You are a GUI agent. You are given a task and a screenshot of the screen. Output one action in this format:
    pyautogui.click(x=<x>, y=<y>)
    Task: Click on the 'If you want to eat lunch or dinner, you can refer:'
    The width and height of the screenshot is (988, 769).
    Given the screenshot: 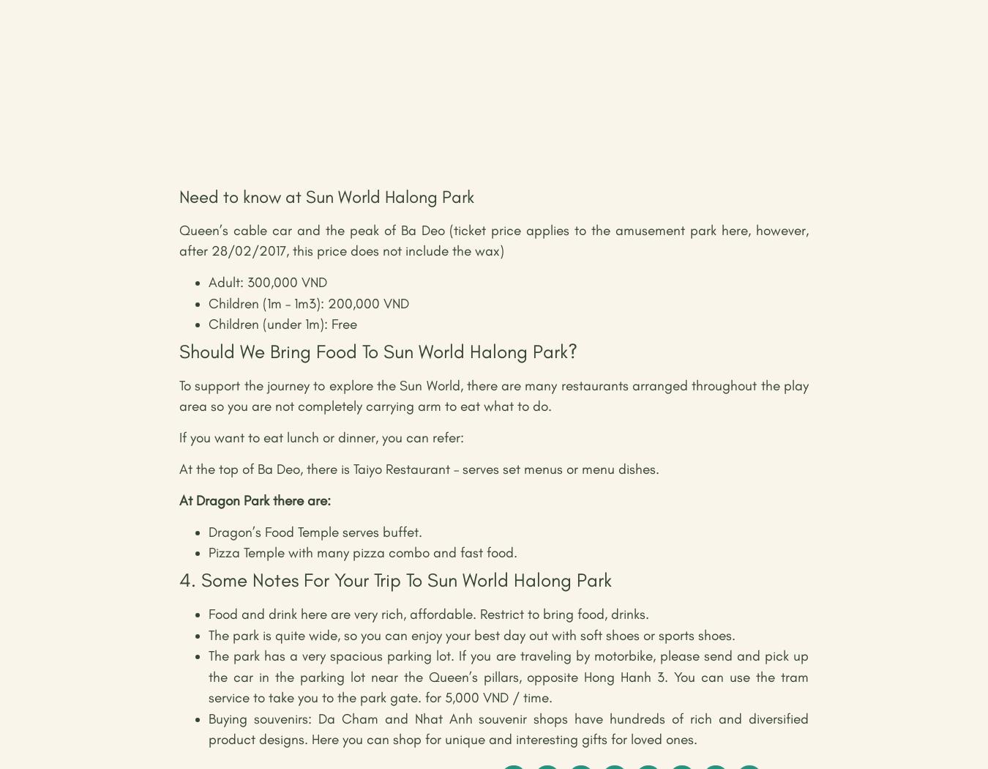 What is the action you would take?
    pyautogui.click(x=321, y=436)
    